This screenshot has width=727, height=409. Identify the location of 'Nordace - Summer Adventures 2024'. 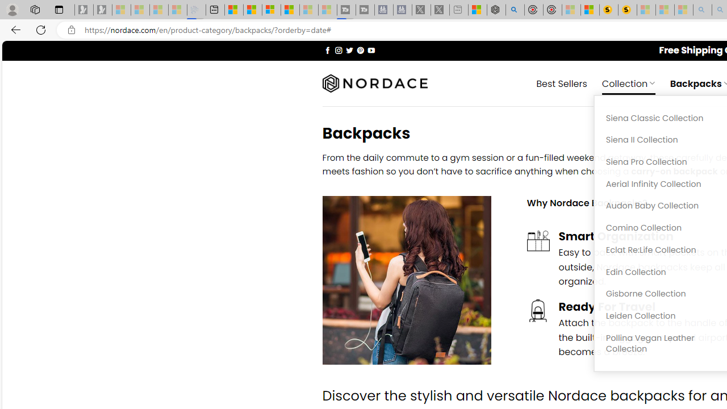
(496, 10).